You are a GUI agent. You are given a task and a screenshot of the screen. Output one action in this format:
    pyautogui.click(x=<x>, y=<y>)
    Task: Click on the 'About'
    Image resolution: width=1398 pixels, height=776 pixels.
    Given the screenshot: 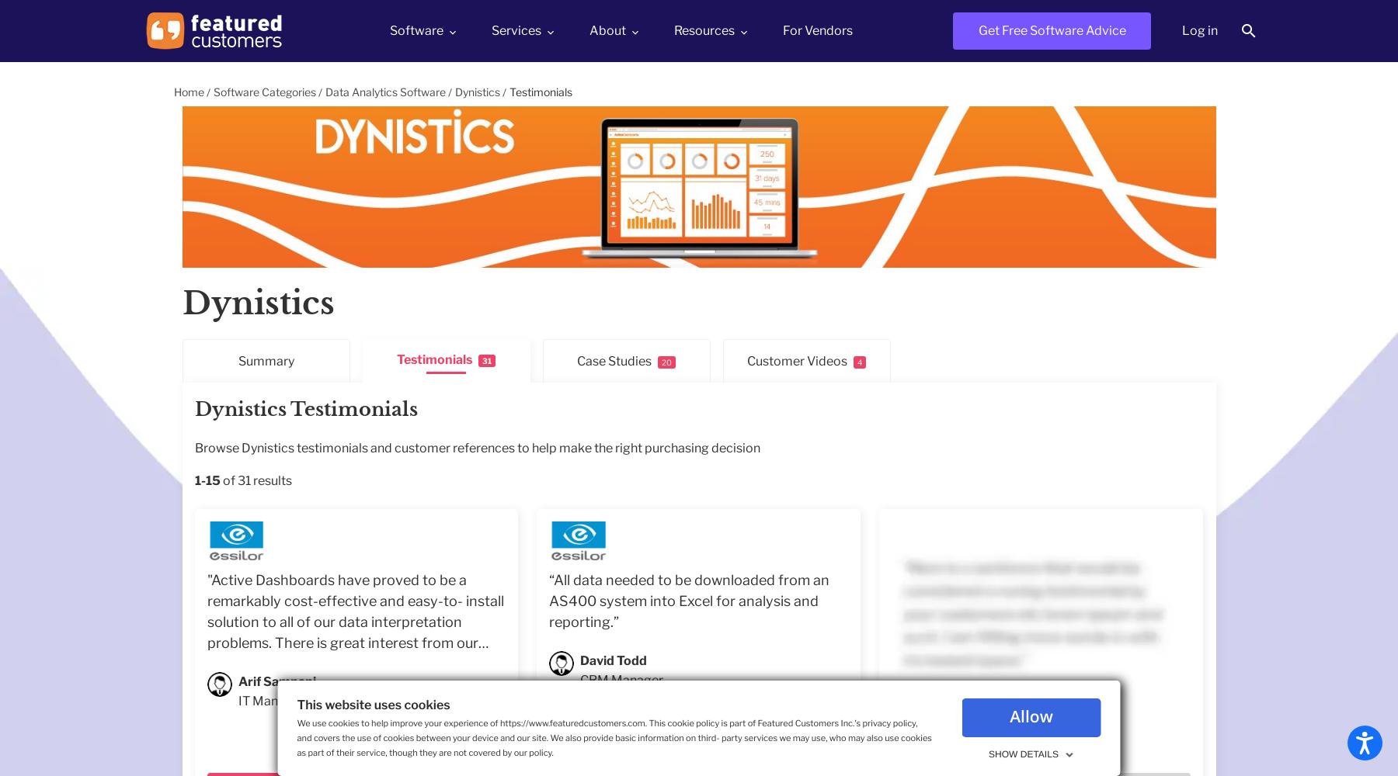 What is the action you would take?
    pyautogui.click(x=607, y=29)
    